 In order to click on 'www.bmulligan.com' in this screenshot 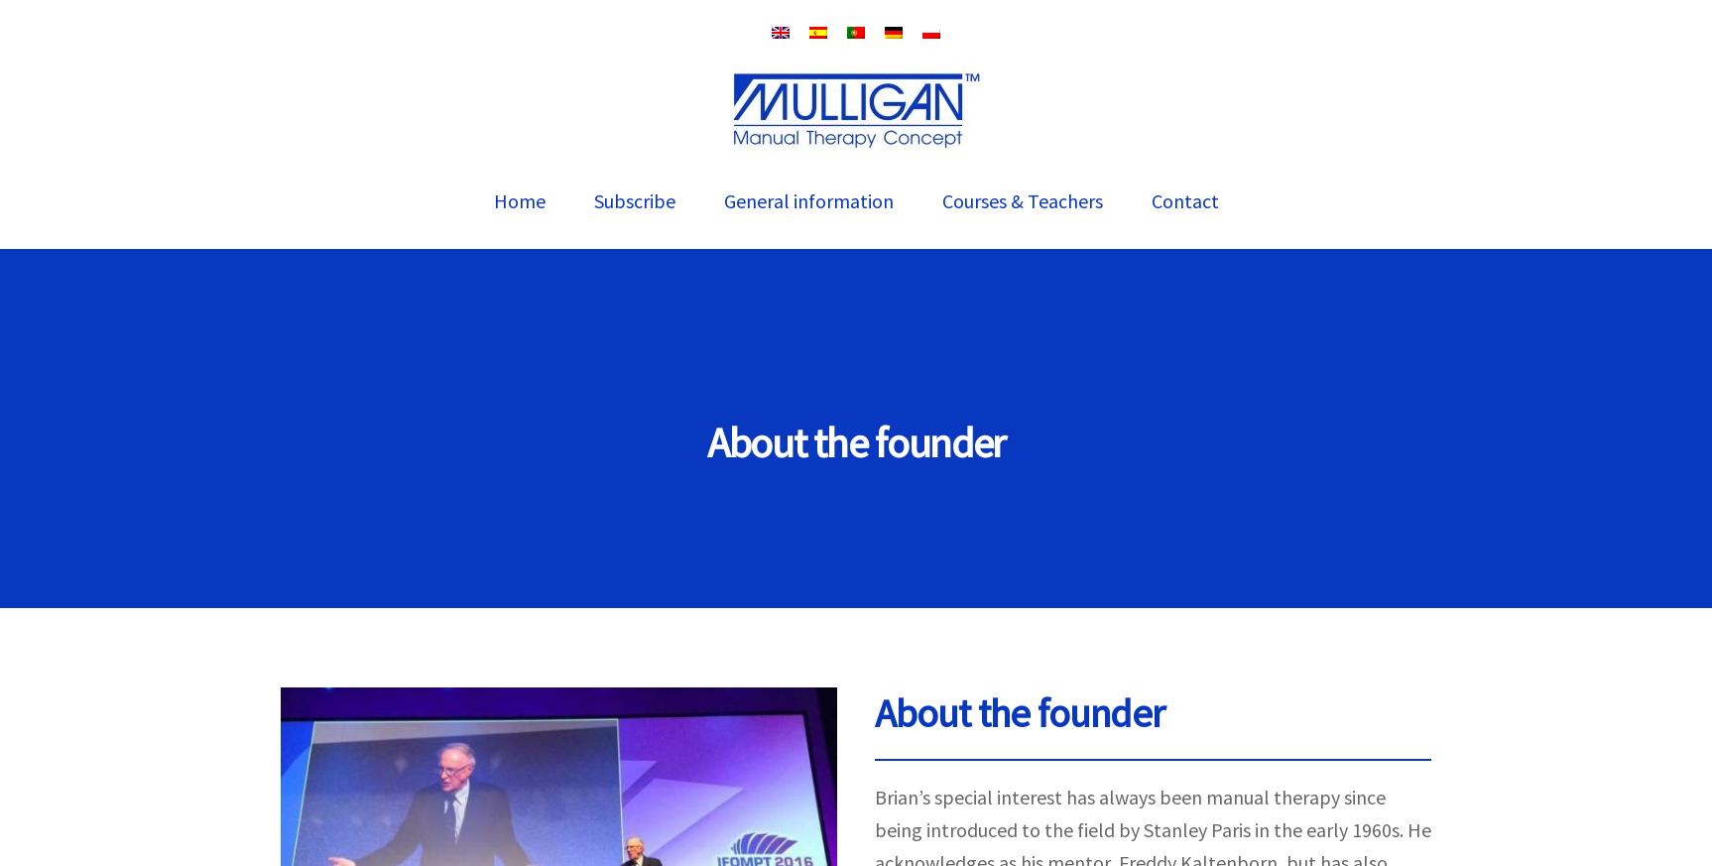, I will do `click(1182, 170)`.